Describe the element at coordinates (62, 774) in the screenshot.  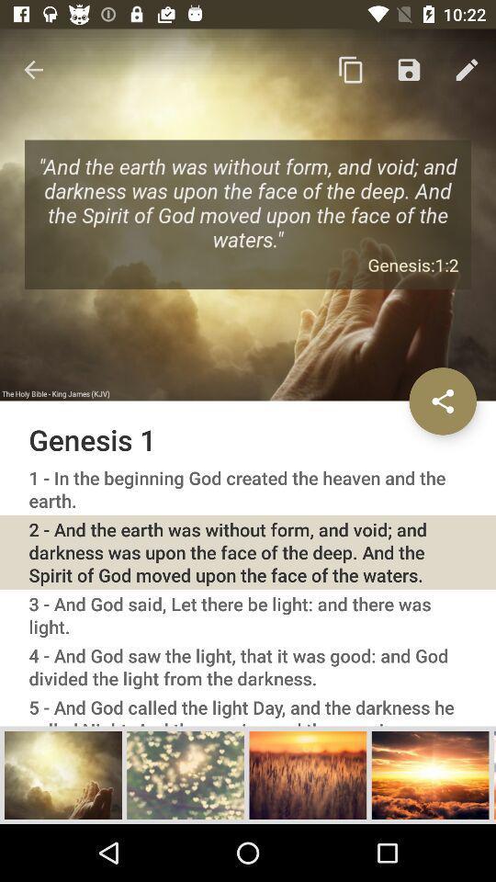
I see `show this verse` at that location.